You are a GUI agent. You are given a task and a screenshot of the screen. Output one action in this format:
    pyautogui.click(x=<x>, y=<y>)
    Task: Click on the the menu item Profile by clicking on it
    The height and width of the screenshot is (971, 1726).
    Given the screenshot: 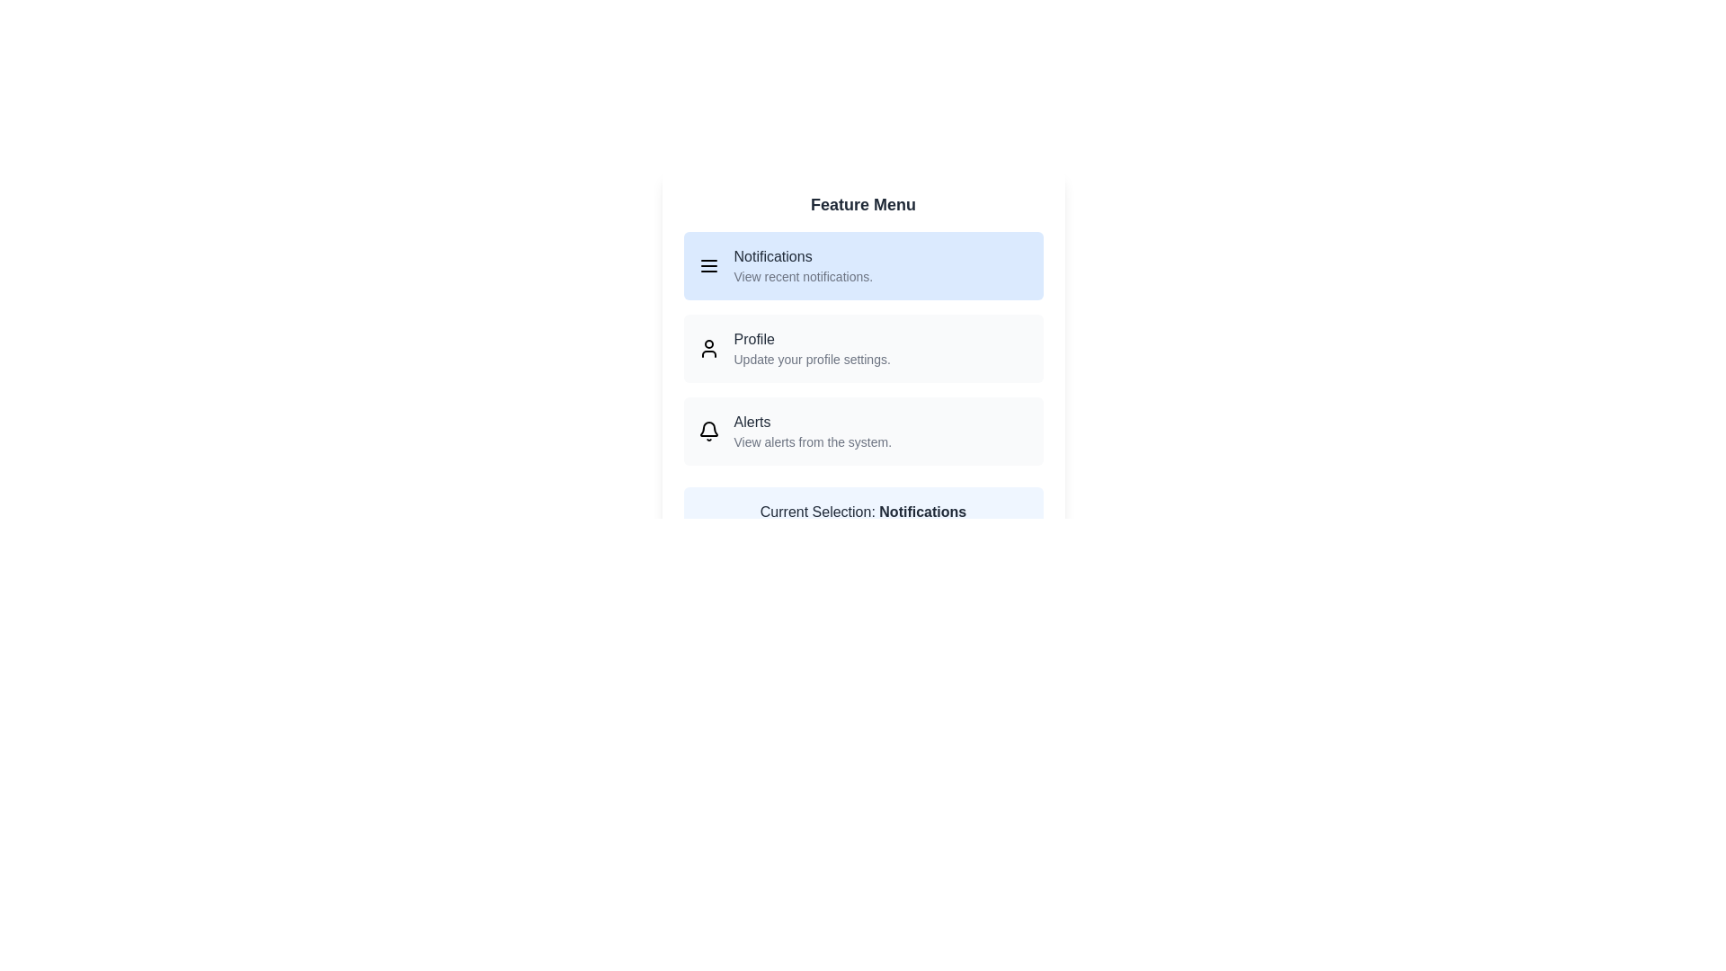 What is the action you would take?
    pyautogui.click(x=863, y=349)
    